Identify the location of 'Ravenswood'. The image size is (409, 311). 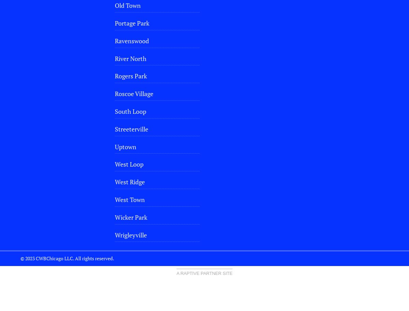
(132, 40).